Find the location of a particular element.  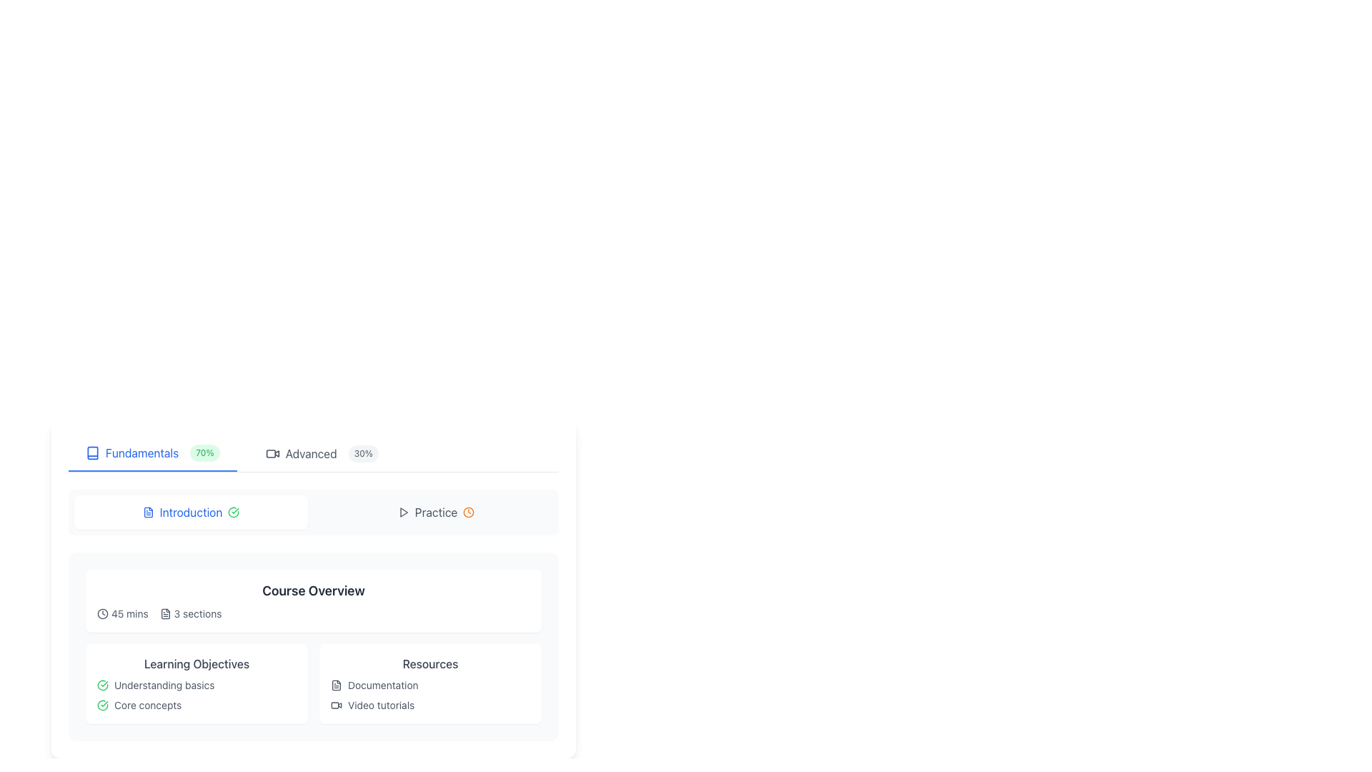

the text with a checkmark icon that serves as a descriptor for a completed course module in the 'Learning Objectives' section of the Course Overview panel is located at coordinates (196, 685).